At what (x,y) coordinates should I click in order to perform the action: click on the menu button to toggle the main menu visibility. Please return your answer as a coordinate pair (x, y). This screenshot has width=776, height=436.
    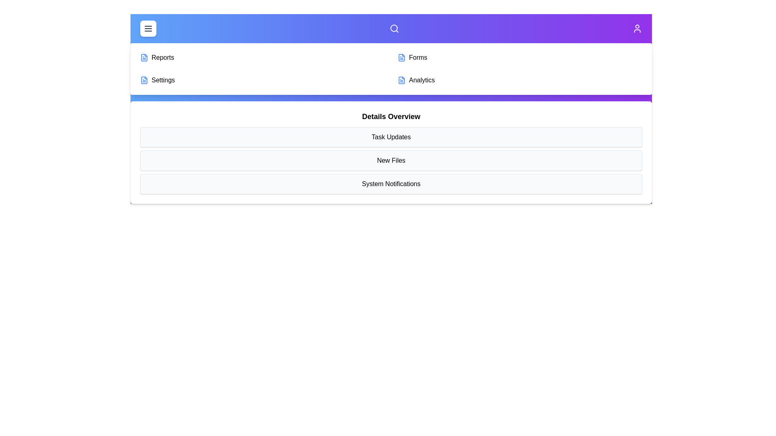
    Looking at the image, I should click on (148, 28).